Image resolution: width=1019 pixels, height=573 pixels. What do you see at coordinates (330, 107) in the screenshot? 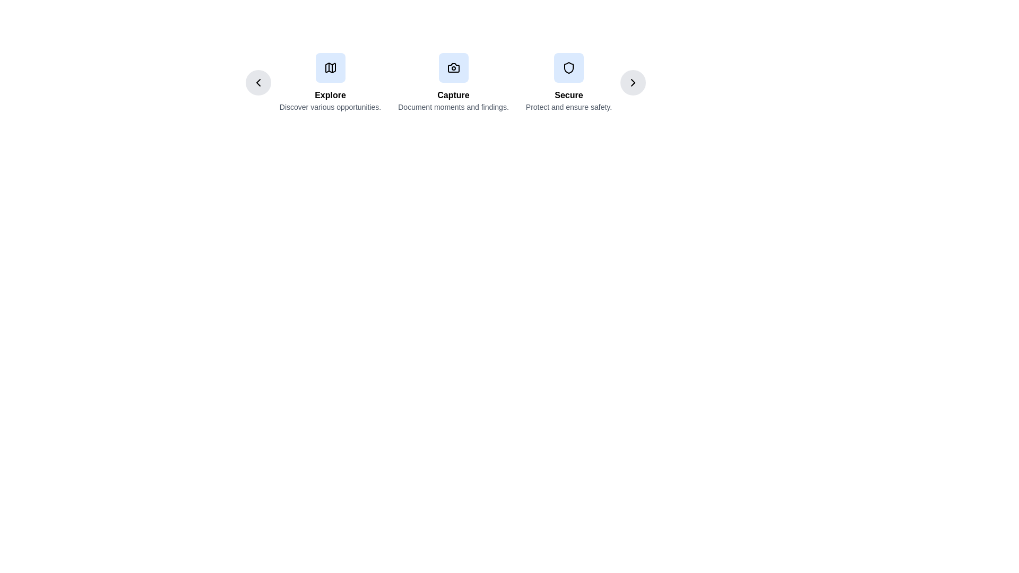
I see `descriptive text label located beneath the 'Explore' heading, which provides additional context to the user` at bounding box center [330, 107].